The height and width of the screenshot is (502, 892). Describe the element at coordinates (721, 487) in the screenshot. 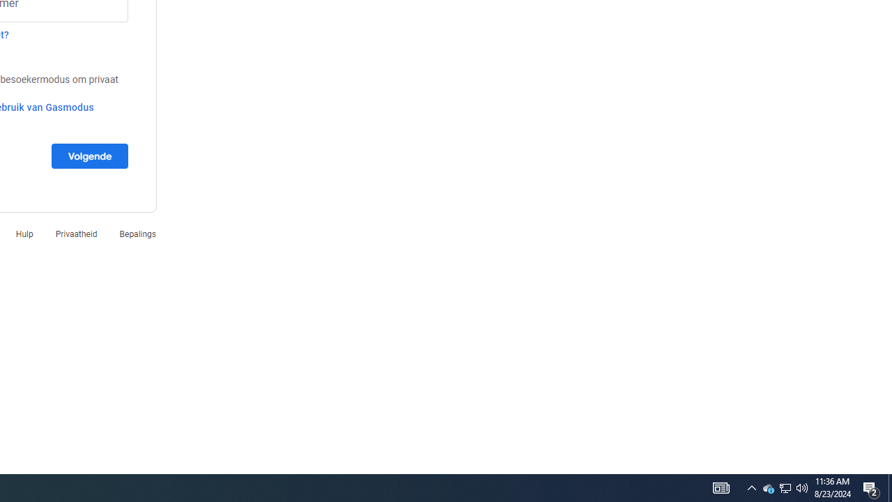

I see `'AutomationID: 4105'` at that location.